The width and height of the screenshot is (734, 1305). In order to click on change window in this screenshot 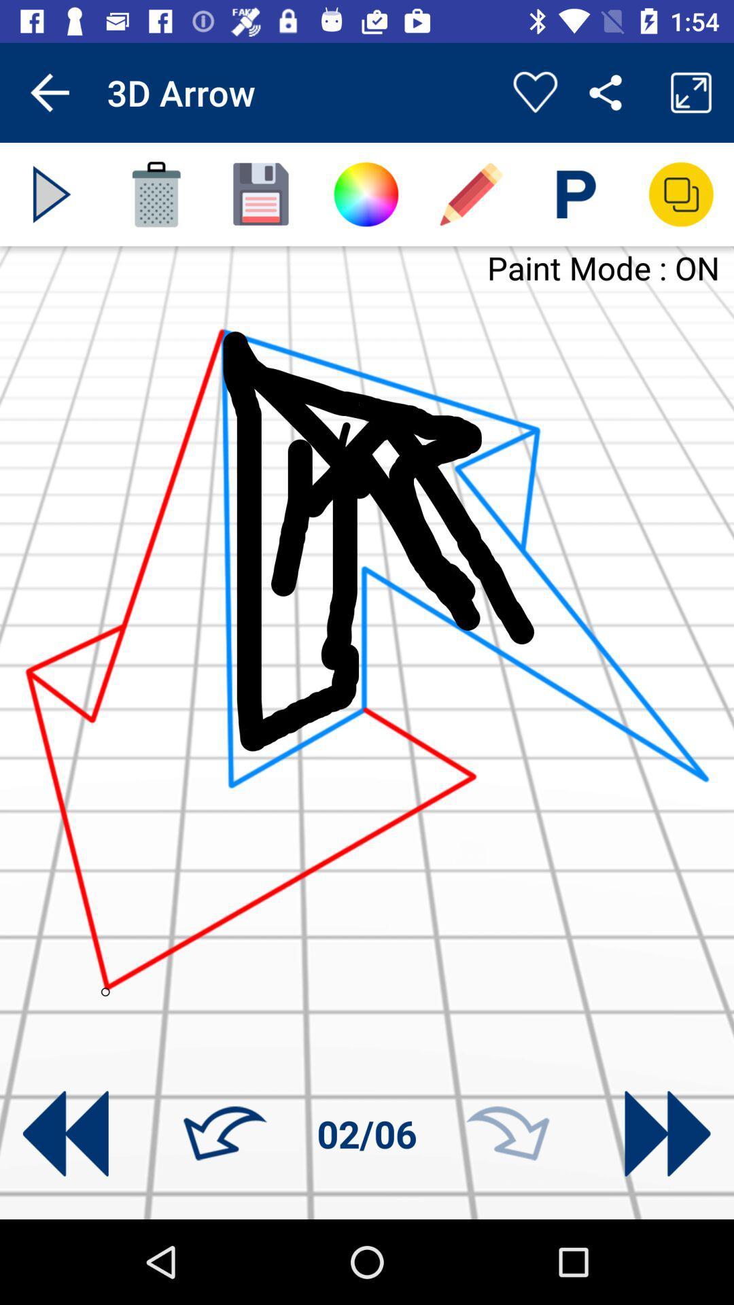, I will do `click(681, 194)`.